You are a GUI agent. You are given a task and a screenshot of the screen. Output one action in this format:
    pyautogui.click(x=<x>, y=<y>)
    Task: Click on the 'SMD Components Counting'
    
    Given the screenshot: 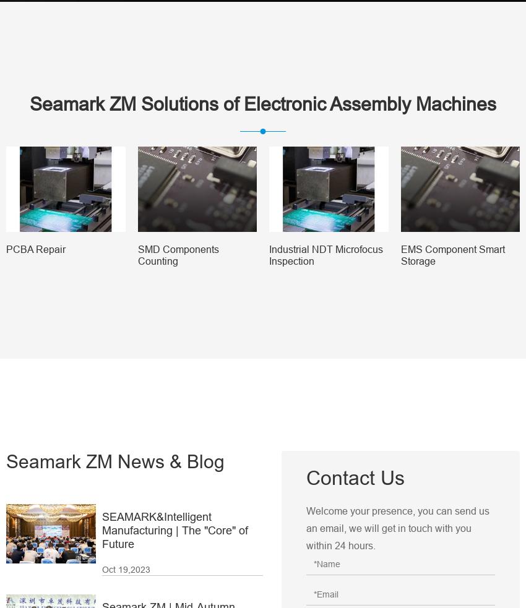 What is the action you would take?
    pyautogui.click(x=137, y=254)
    